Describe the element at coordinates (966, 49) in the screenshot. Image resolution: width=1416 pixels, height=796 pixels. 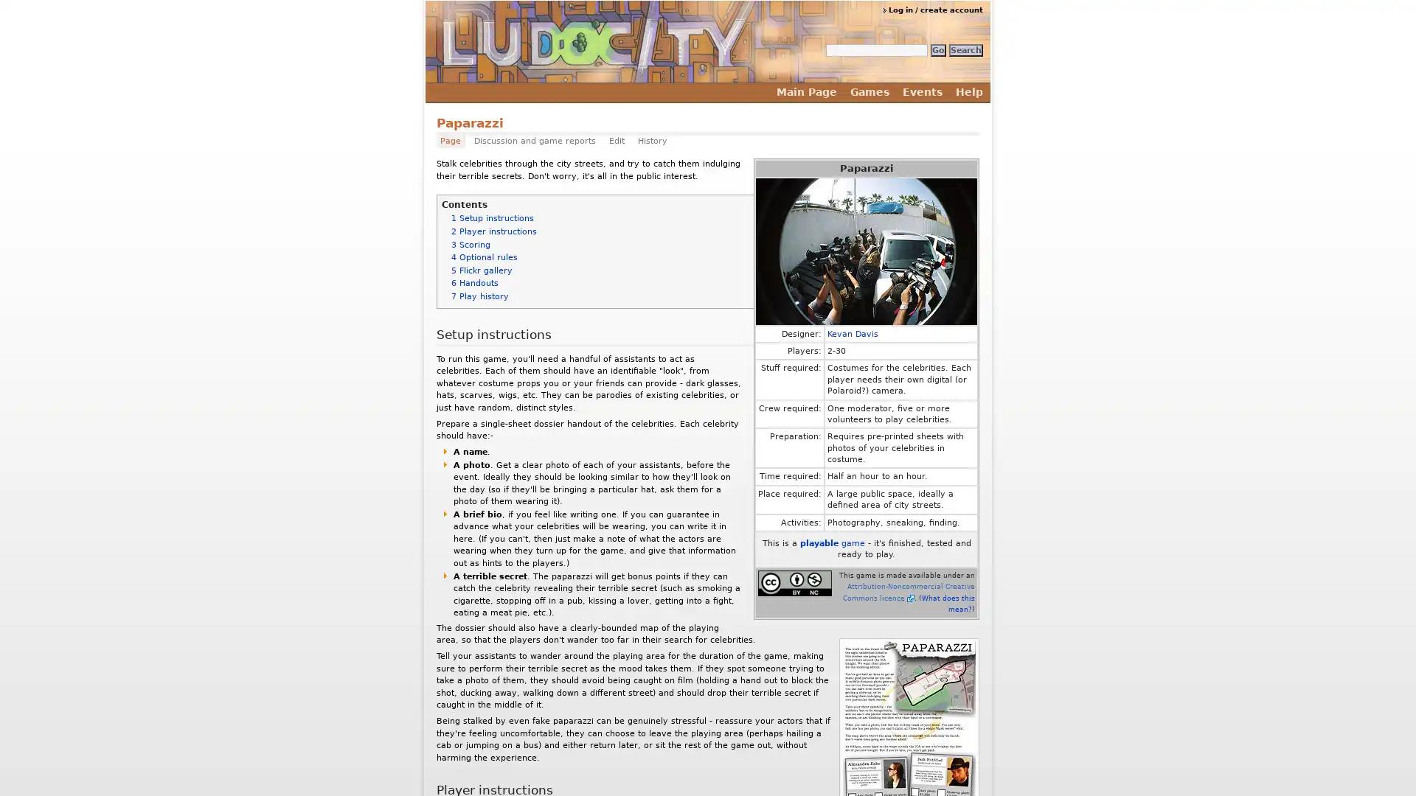
I see `Search` at that location.